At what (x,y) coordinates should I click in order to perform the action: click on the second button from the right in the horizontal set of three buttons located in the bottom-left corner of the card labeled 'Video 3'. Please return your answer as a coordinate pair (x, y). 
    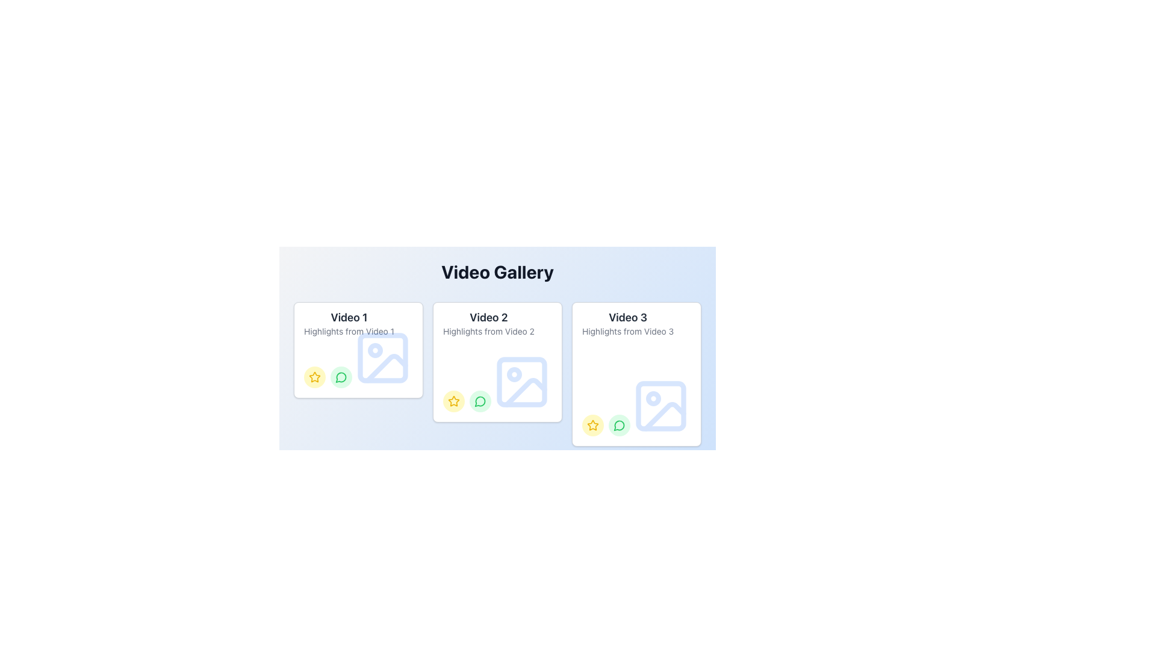
    Looking at the image, I should click on (619, 579).